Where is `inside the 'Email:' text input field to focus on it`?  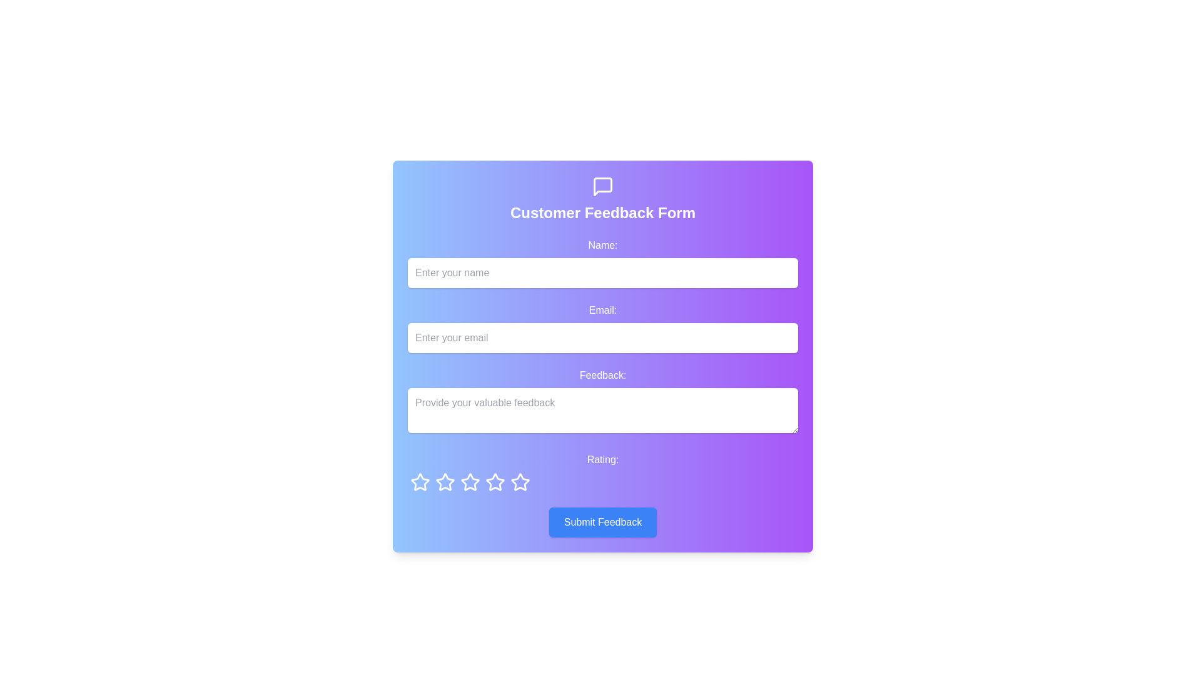
inside the 'Email:' text input field to focus on it is located at coordinates (603, 327).